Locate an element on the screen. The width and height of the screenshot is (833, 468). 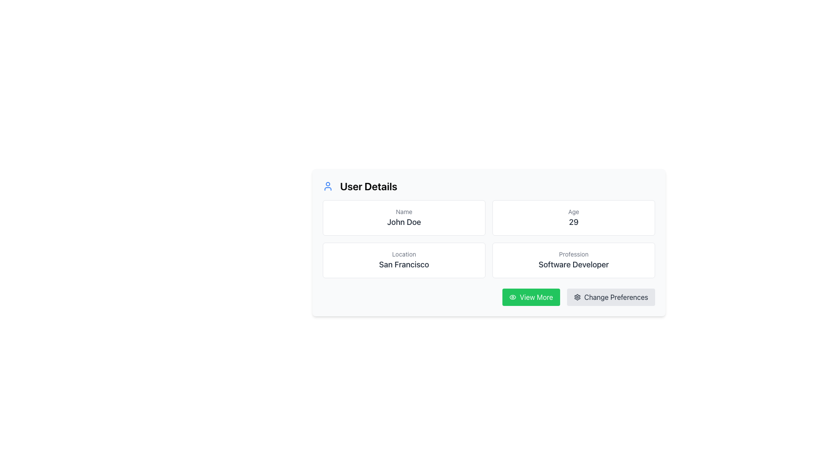
the static text label displaying the age value, which is located within the 'Age' card in the top-right of the grid of four cards is located at coordinates (574, 222).